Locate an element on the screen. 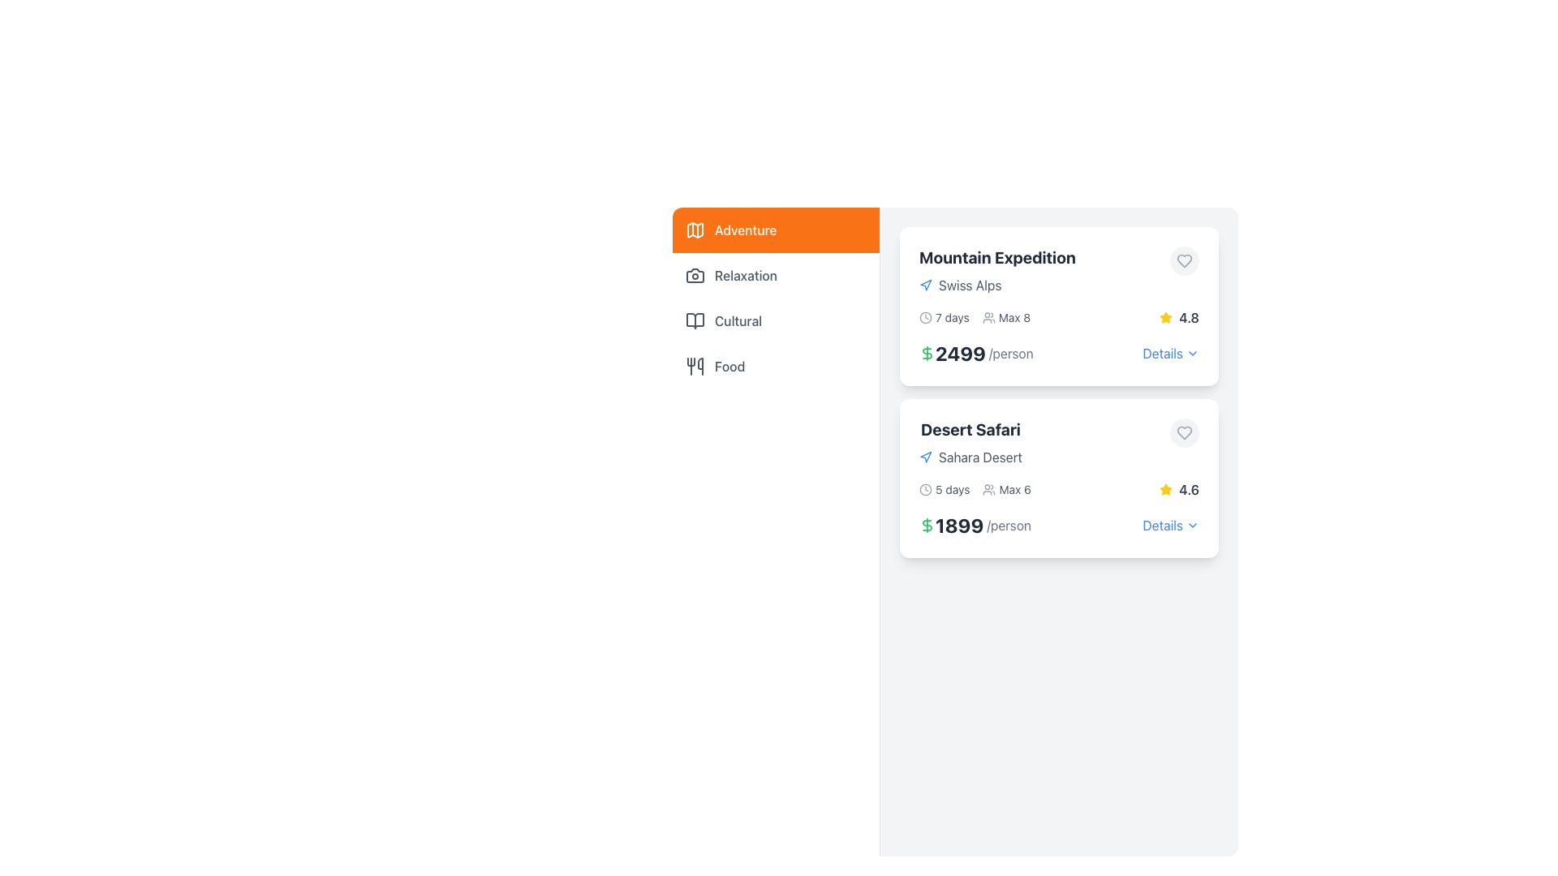  the icon that represents 'maximum group size' or 'maximum capacity', which is located to the left of the text label 'Max 8' in the 'Mountain Expedition' card is located at coordinates (988, 318).